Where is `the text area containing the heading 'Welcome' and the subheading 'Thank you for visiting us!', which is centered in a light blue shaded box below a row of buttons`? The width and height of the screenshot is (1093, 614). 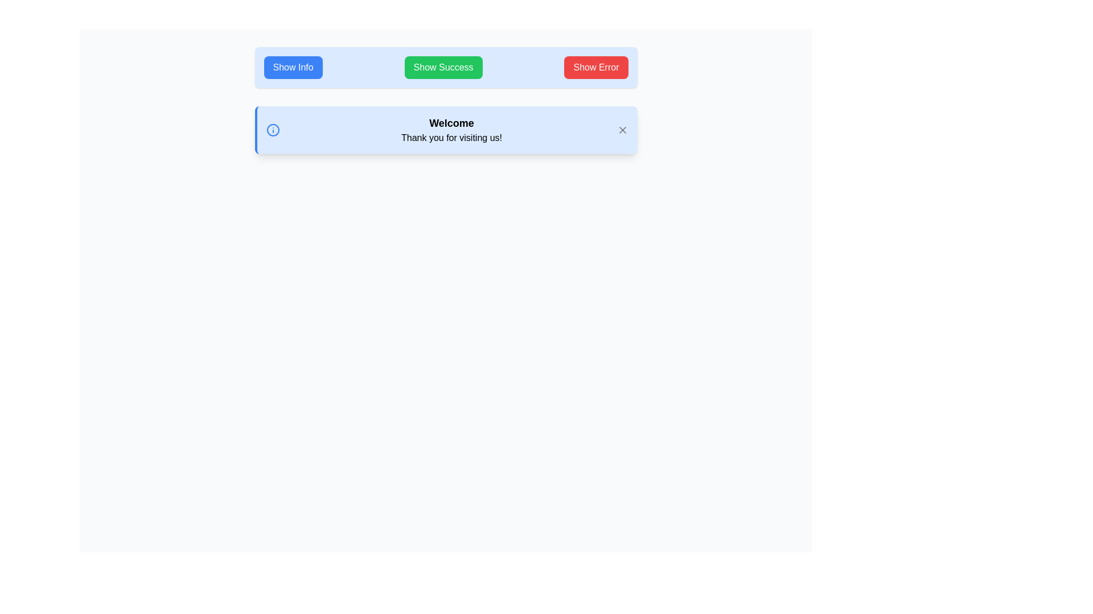
the text area containing the heading 'Welcome' and the subheading 'Thank you for visiting us!', which is centered in a light blue shaded box below a row of buttons is located at coordinates (451, 129).